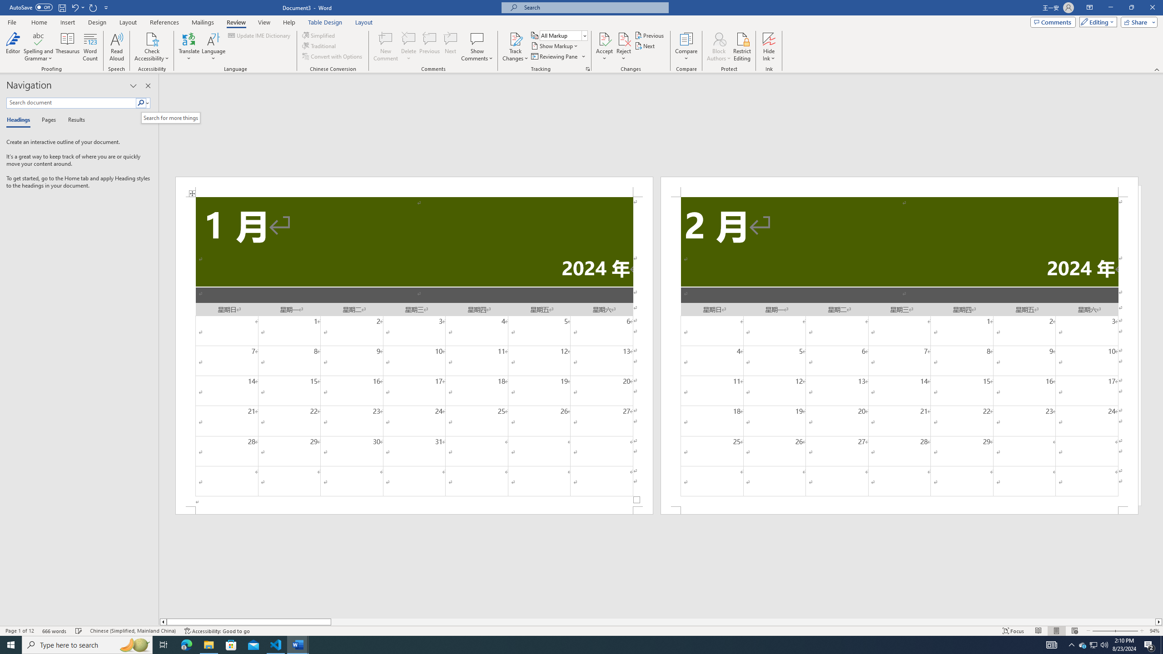 The image size is (1163, 654). I want to click on 'Traditional', so click(320, 45).